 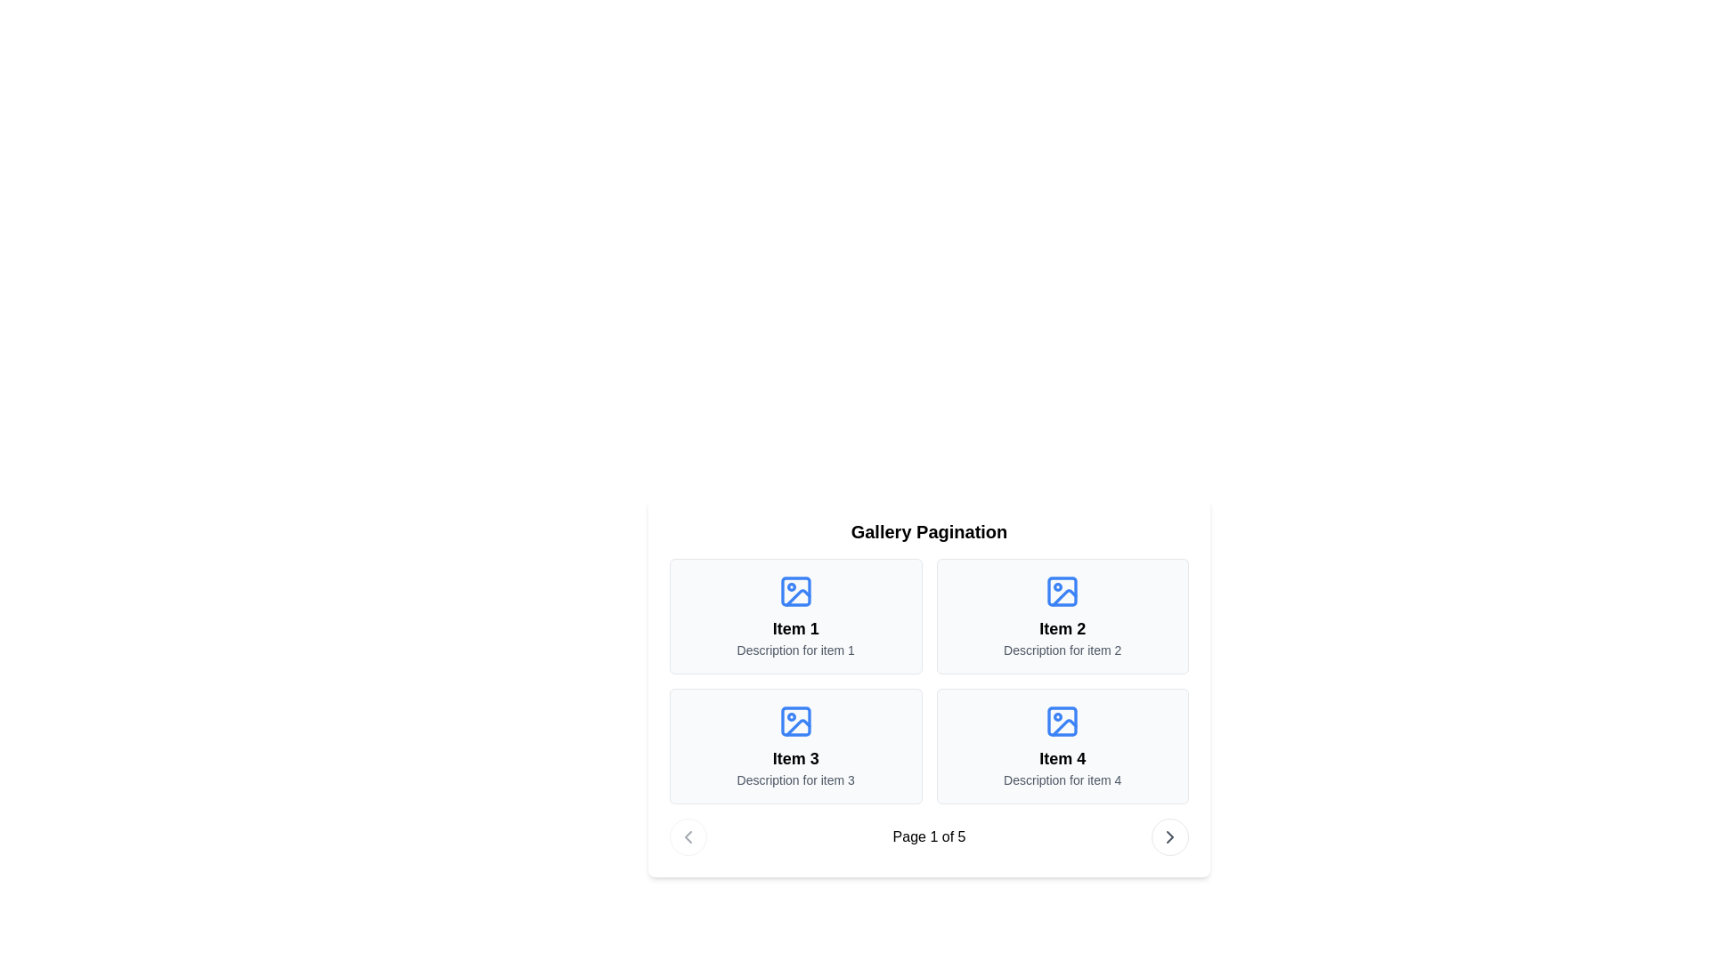 What do you see at coordinates (687, 837) in the screenshot?
I see `the left-pointing chevron button with a gray border and white background located at the bottom-left corner of the gallery pagination section` at bounding box center [687, 837].